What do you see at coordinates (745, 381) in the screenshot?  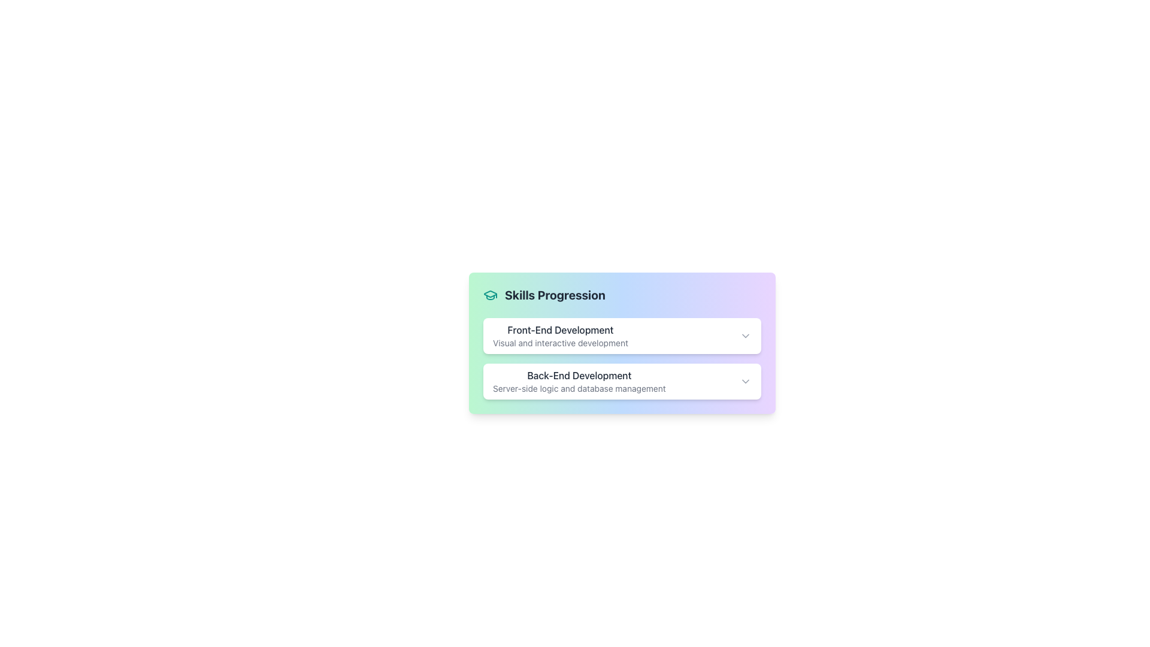 I see `the downward-facing chevron icon on the right side of the 'Back-End Development' section` at bounding box center [745, 381].